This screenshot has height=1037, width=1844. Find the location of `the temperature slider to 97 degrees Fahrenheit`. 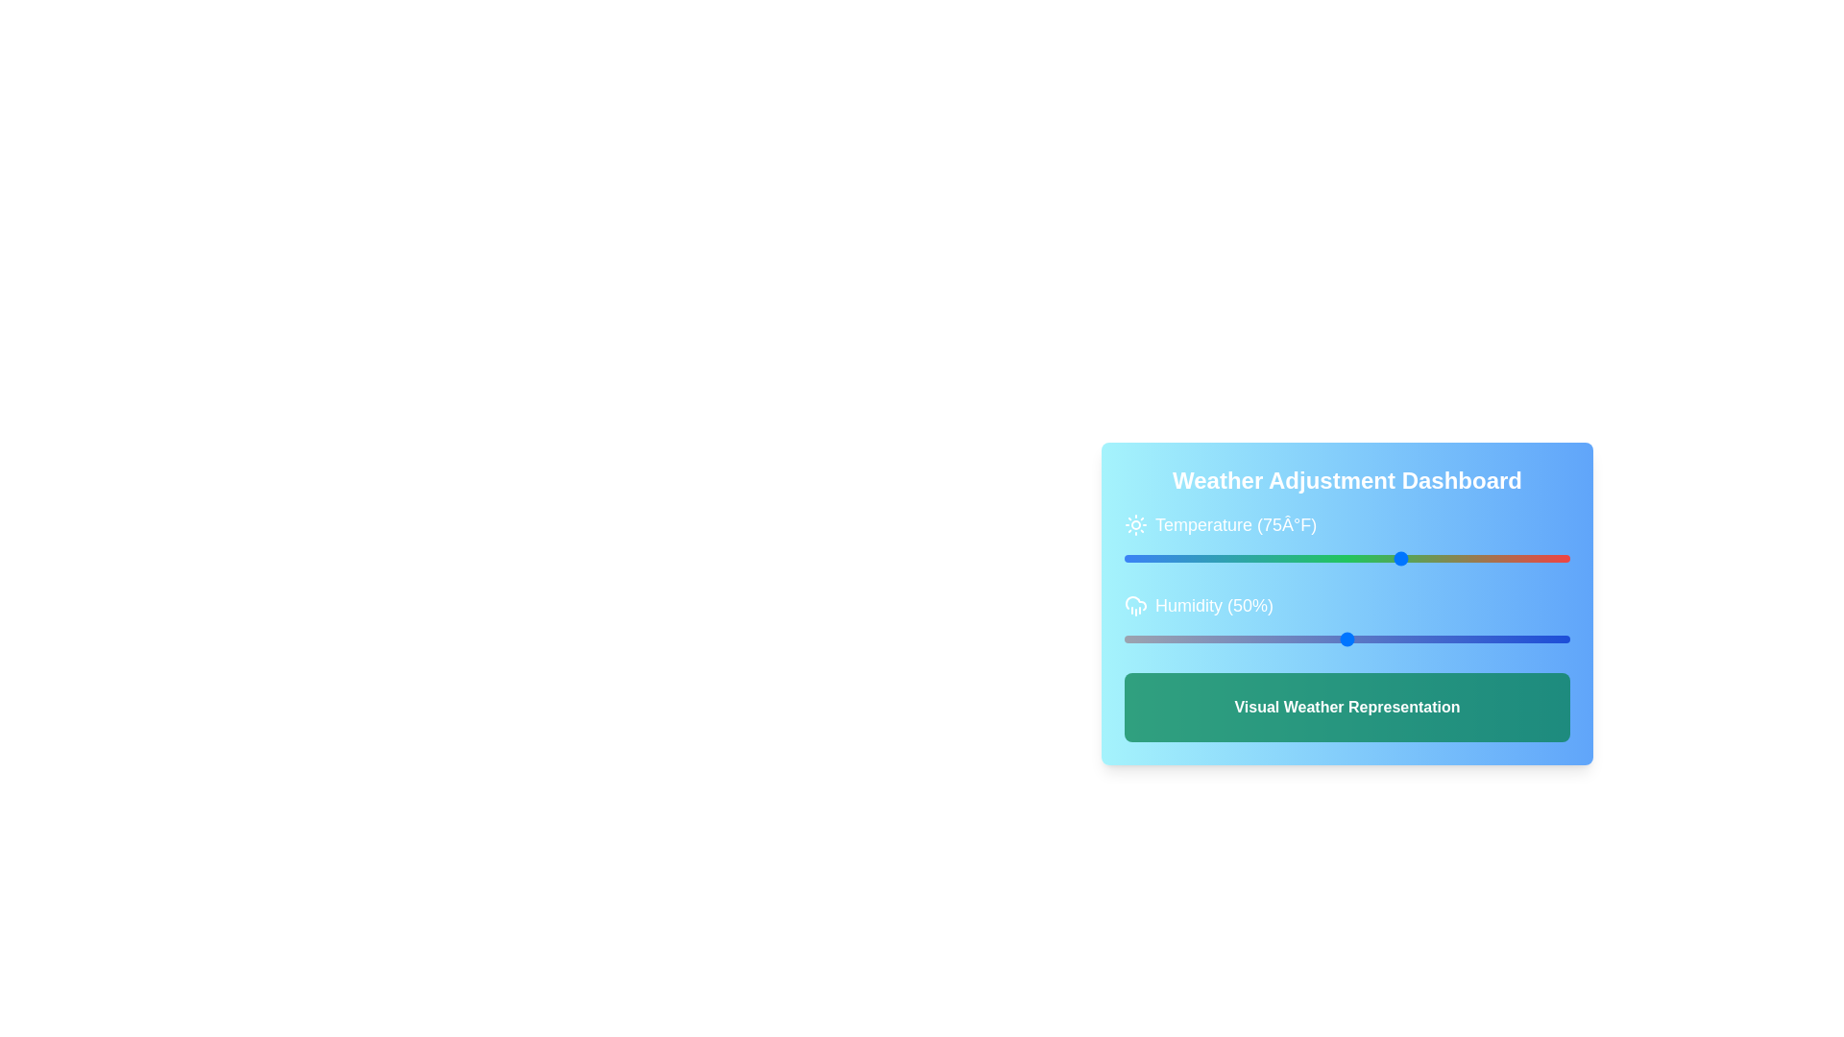

the temperature slider to 97 degrees Fahrenheit is located at coordinates (1452, 559).